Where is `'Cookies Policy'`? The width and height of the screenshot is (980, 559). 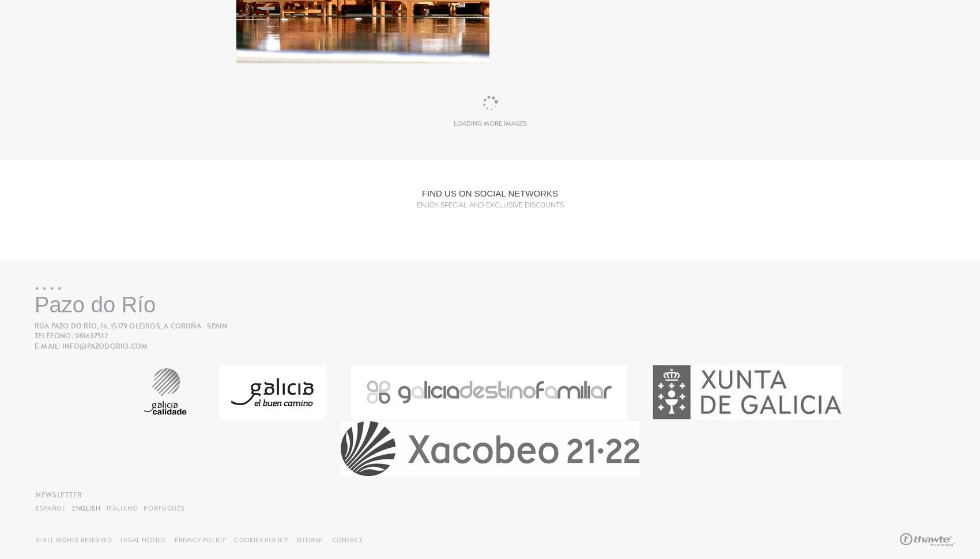 'Cookies Policy' is located at coordinates (233, 539).